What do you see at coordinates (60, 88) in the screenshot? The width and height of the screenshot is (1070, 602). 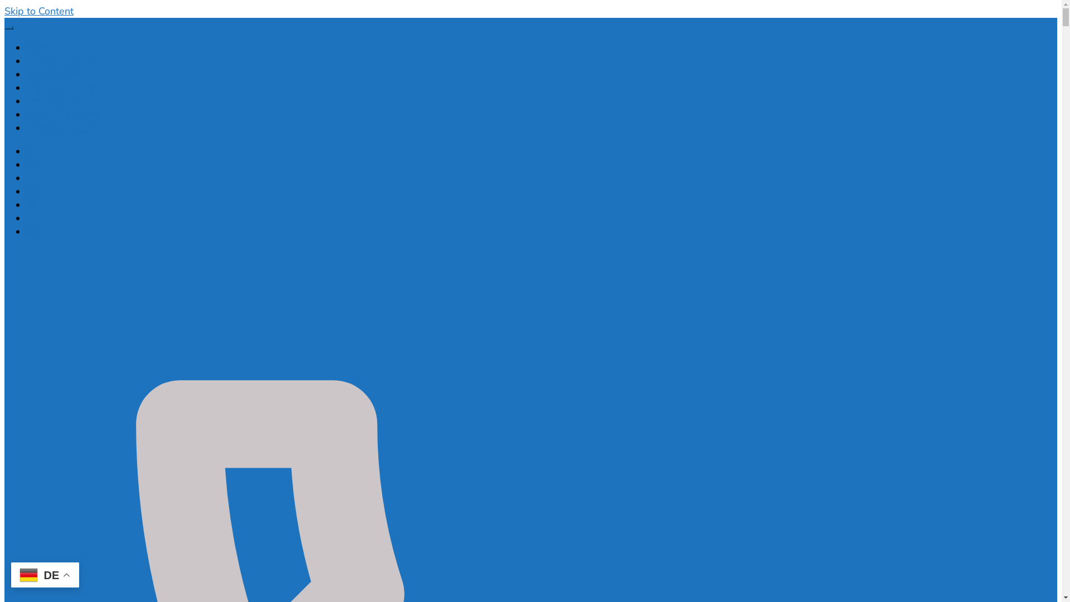 I see `'Massagepraxis'` at bounding box center [60, 88].